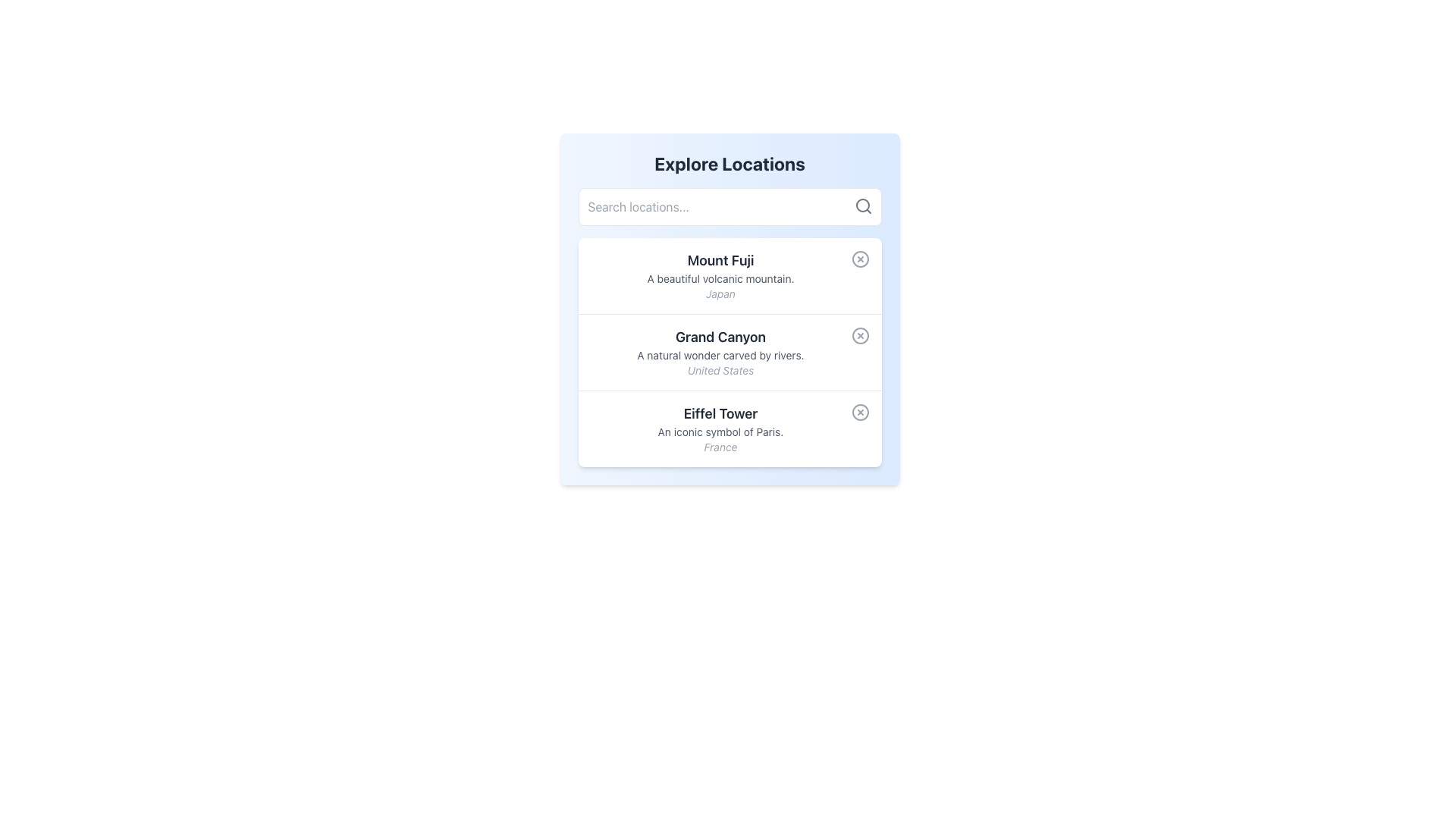 The image size is (1456, 819). I want to click on the static text element that provides a description of Mount Fuji, positioned under the bolded title 'Mount Fuji' and centered in the triplet structure, so click(720, 278).